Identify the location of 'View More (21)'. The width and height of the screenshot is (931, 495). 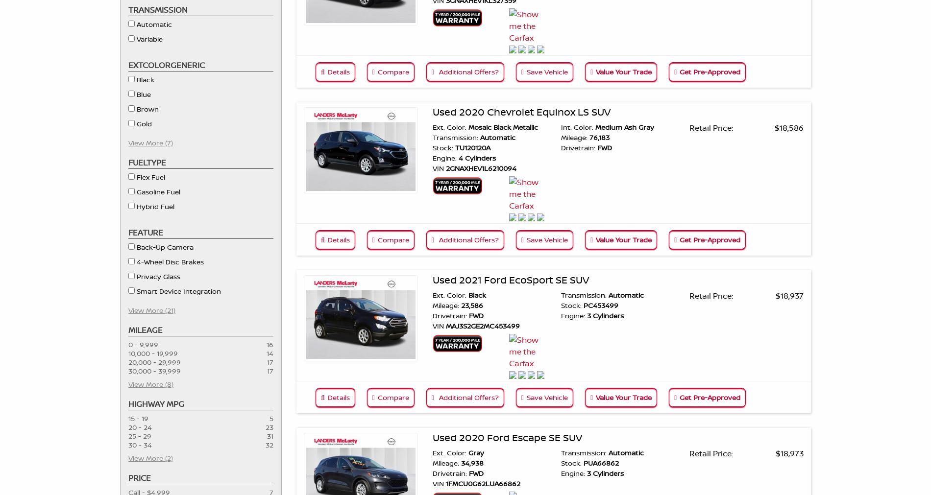
(128, 309).